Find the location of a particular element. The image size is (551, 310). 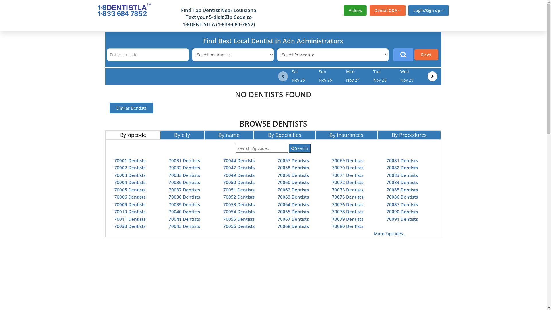

'70068 Dentists' is located at coordinates (293, 226).